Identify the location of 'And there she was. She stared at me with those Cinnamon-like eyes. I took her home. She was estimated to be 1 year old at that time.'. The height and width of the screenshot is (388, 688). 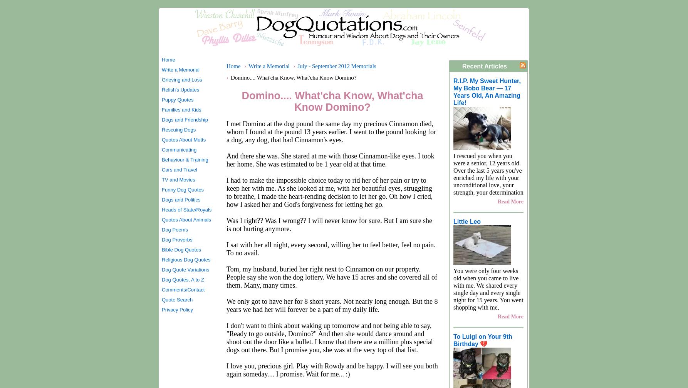
(330, 160).